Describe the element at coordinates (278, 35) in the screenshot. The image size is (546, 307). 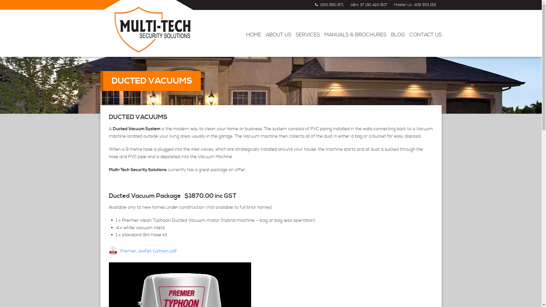
I see `'ABOUT US'` at that location.